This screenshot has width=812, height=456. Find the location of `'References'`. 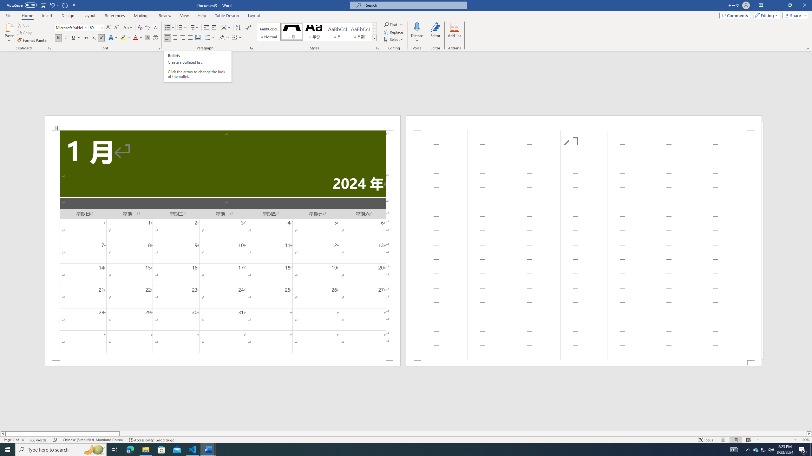

'References' is located at coordinates (115, 16).